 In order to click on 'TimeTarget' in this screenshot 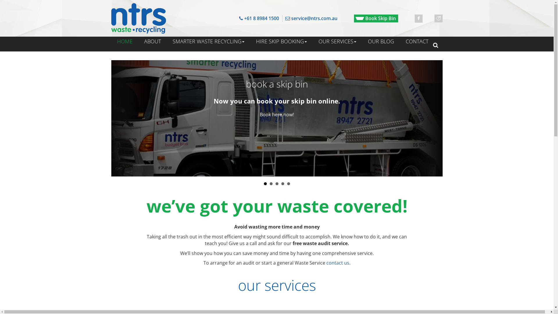, I will do `click(438, 18)`.